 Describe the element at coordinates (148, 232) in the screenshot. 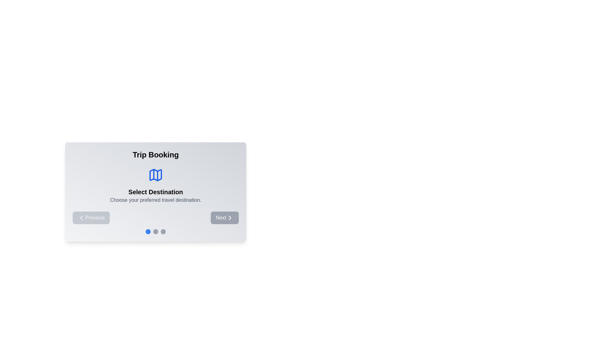

I see `the leftmost circular step indicator, which has a blue background and indicates the active step in a multi-step process` at that location.